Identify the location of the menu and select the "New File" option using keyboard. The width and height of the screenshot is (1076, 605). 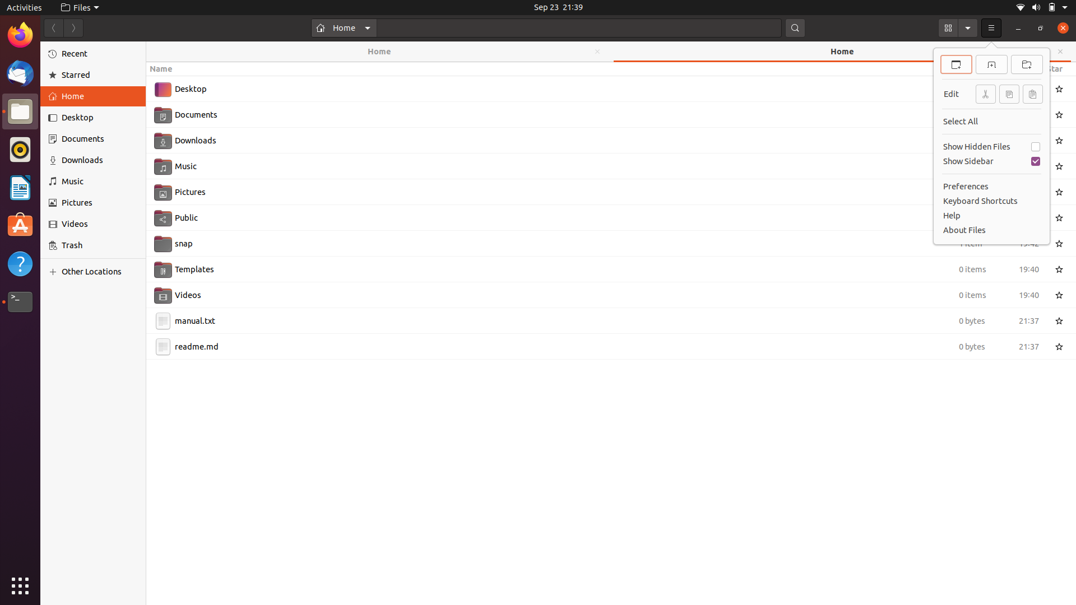
(991, 27).